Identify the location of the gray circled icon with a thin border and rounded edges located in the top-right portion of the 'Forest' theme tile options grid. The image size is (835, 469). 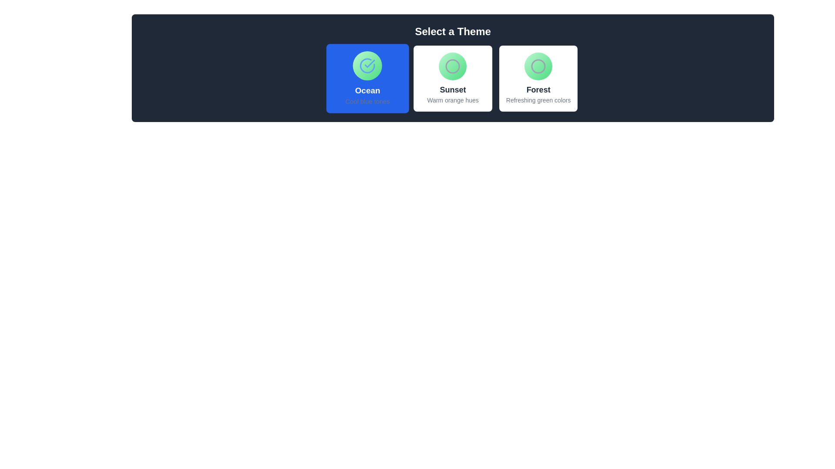
(538, 66).